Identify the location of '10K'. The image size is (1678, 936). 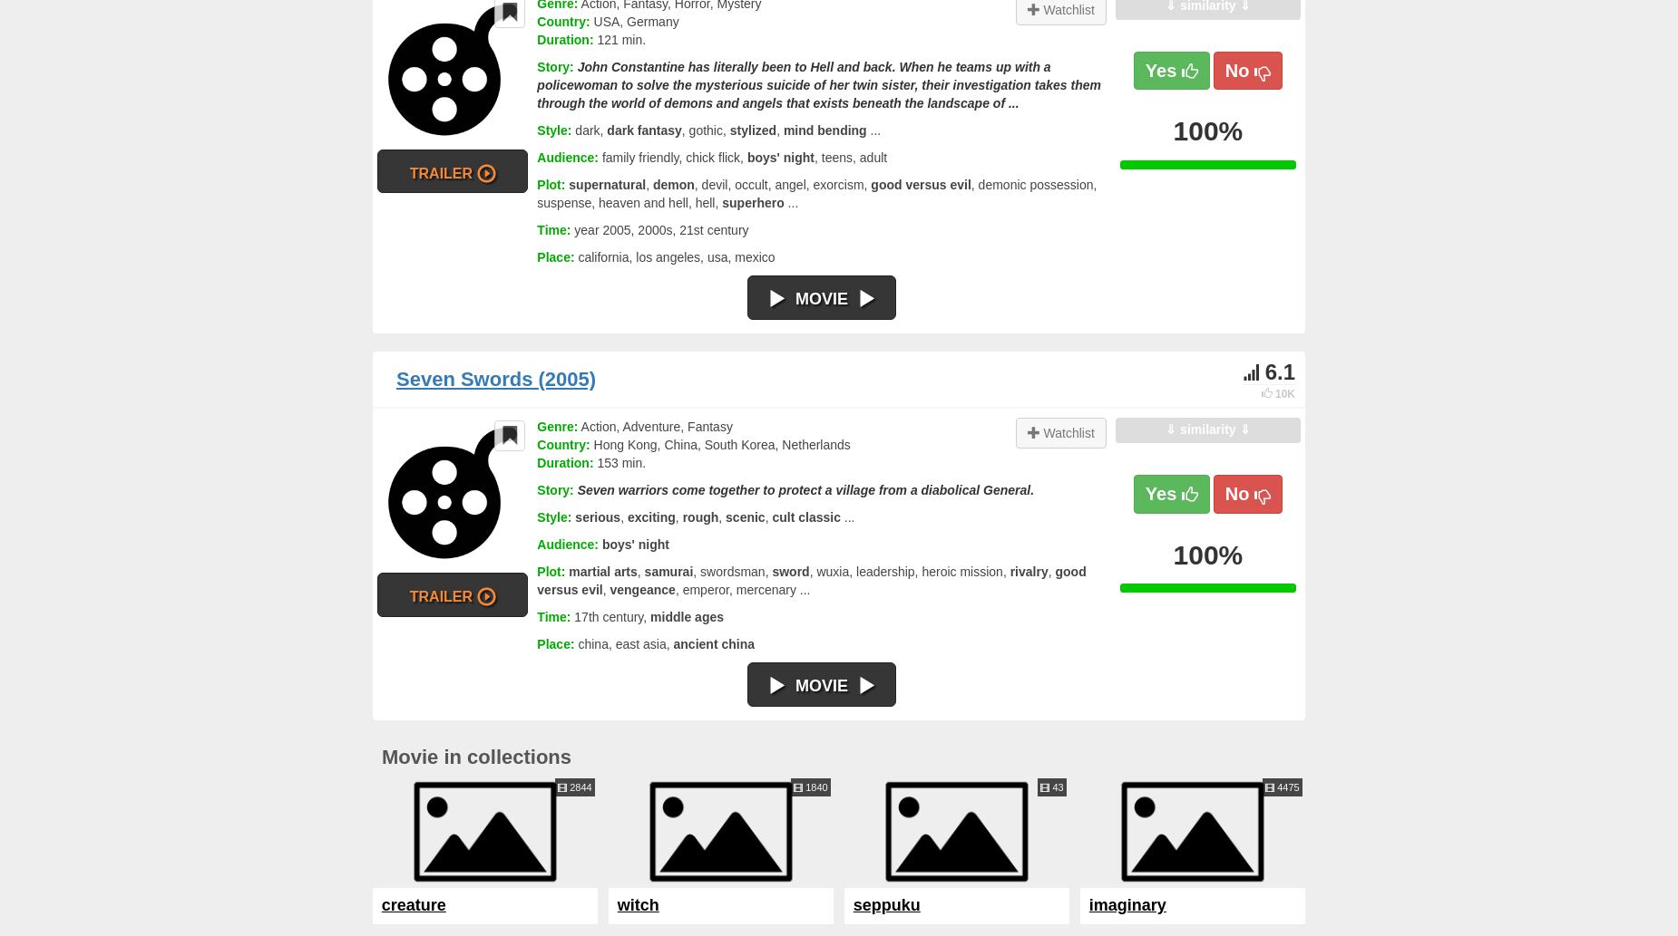
(1274, 392).